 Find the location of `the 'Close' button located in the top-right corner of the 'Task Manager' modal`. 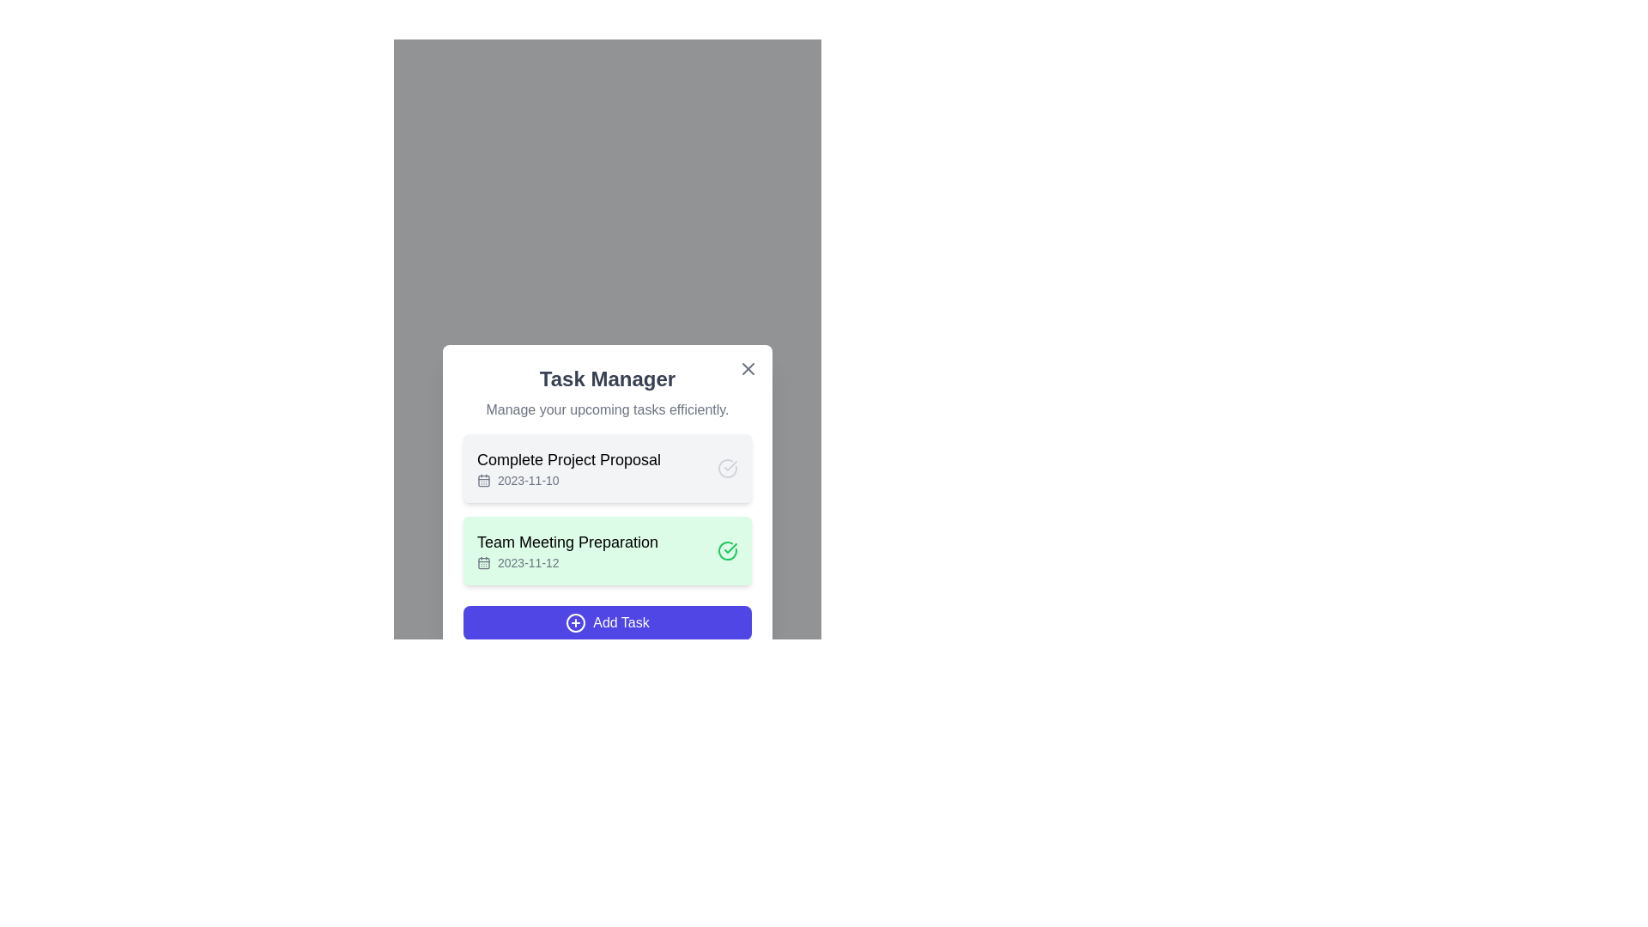

the 'Close' button located in the top-right corner of the 'Task Manager' modal is located at coordinates (748, 367).